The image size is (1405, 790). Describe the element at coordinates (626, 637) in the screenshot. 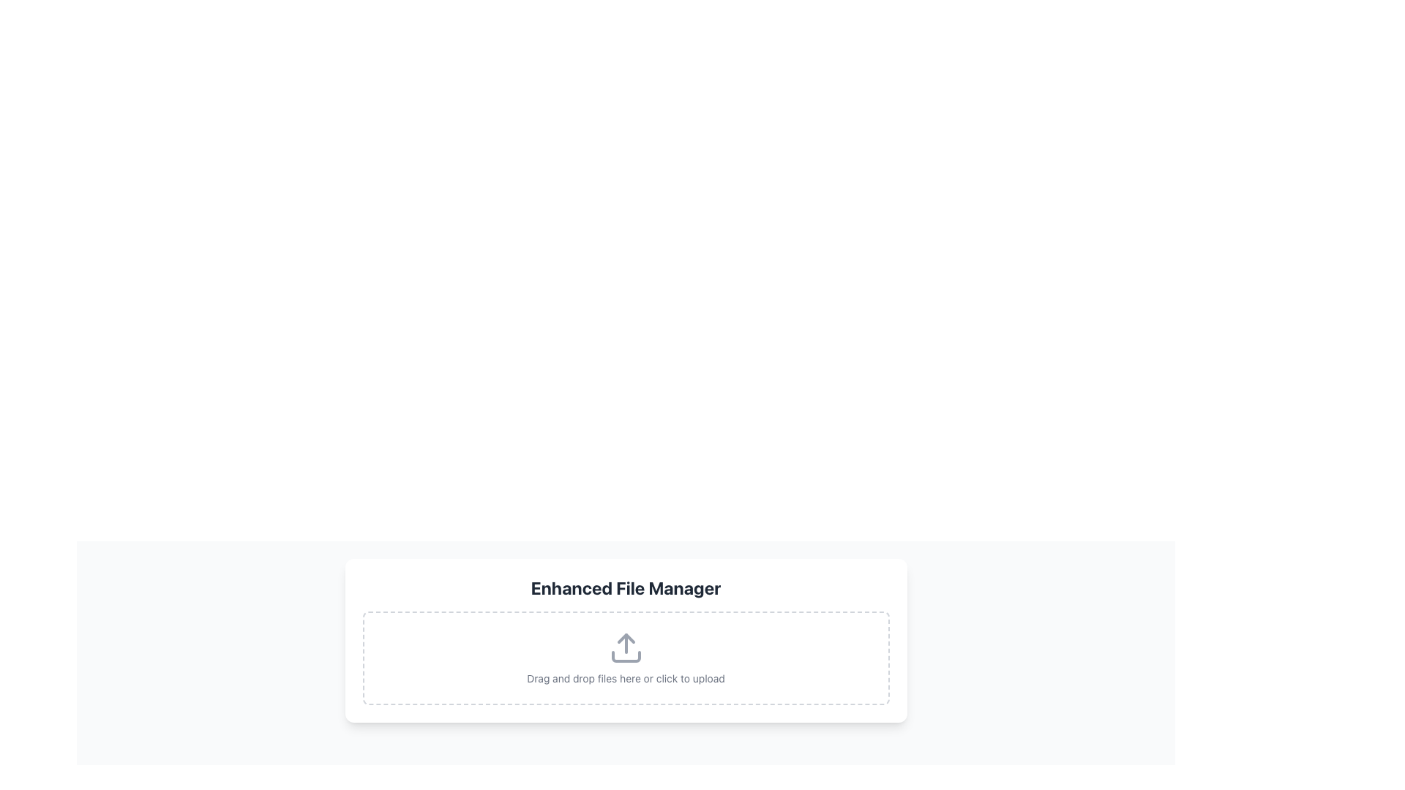

I see `the triangular upper part of the upload icon within the 'Enhanced File Manager' module` at that location.